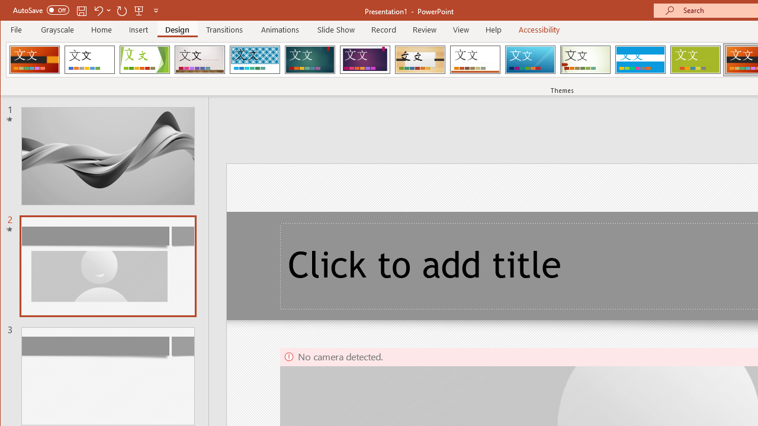 The width and height of the screenshot is (758, 426). What do you see at coordinates (89, 59) in the screenshot?
I see `'Office Theme'` at bounding box center [89, 59].